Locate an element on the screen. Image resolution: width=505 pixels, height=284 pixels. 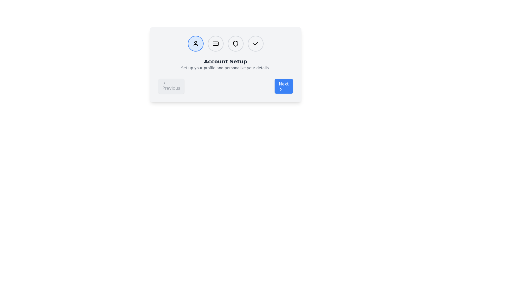
the shield icon, which is the third circular button from the left at the top of the card component is located at coordinates (235, 43).